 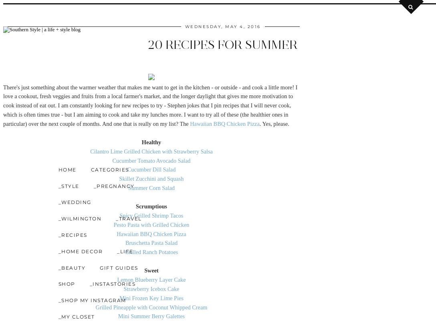 I want to click on 'Cucumber Dill Salad', so click(x=151, y=169).